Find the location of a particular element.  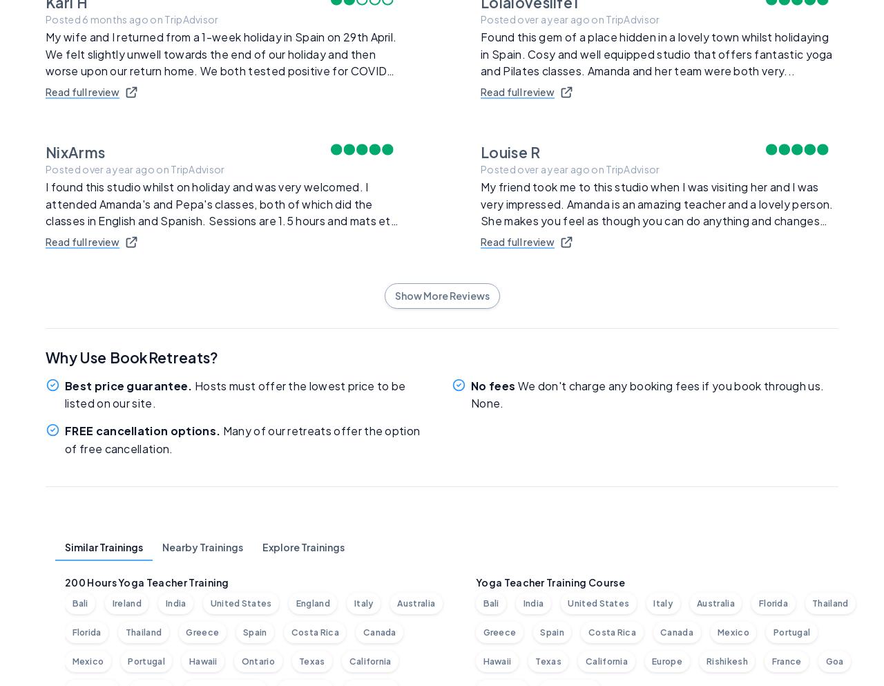

'No fees' is located at coordinates (492, 384).